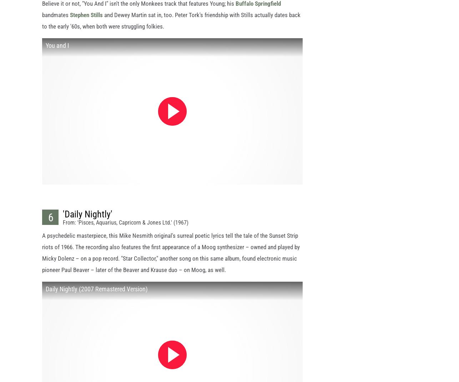  What do you see at coordinates (45, 51) in the screenshot?
I see `'You and I'` at bounding box center [45, 51].